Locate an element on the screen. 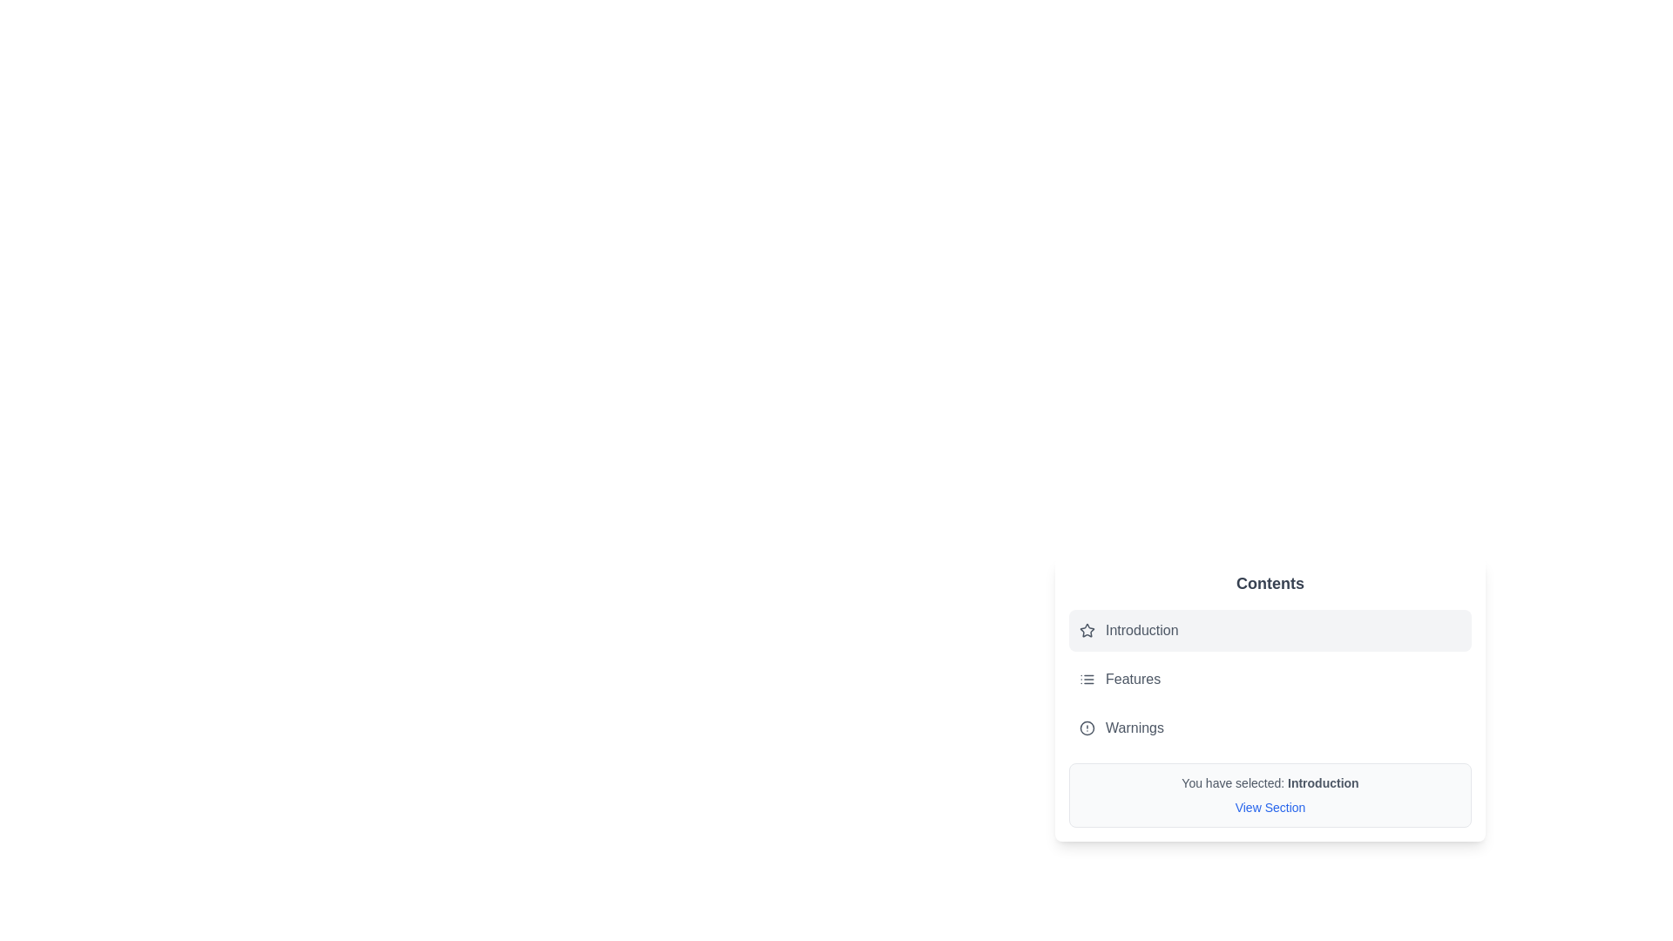 This screenshot has width=1673, height=941. decorative icon located in the top-left region of the 'Introduction' section within the contents panel is located at coordinates (1087, 630).